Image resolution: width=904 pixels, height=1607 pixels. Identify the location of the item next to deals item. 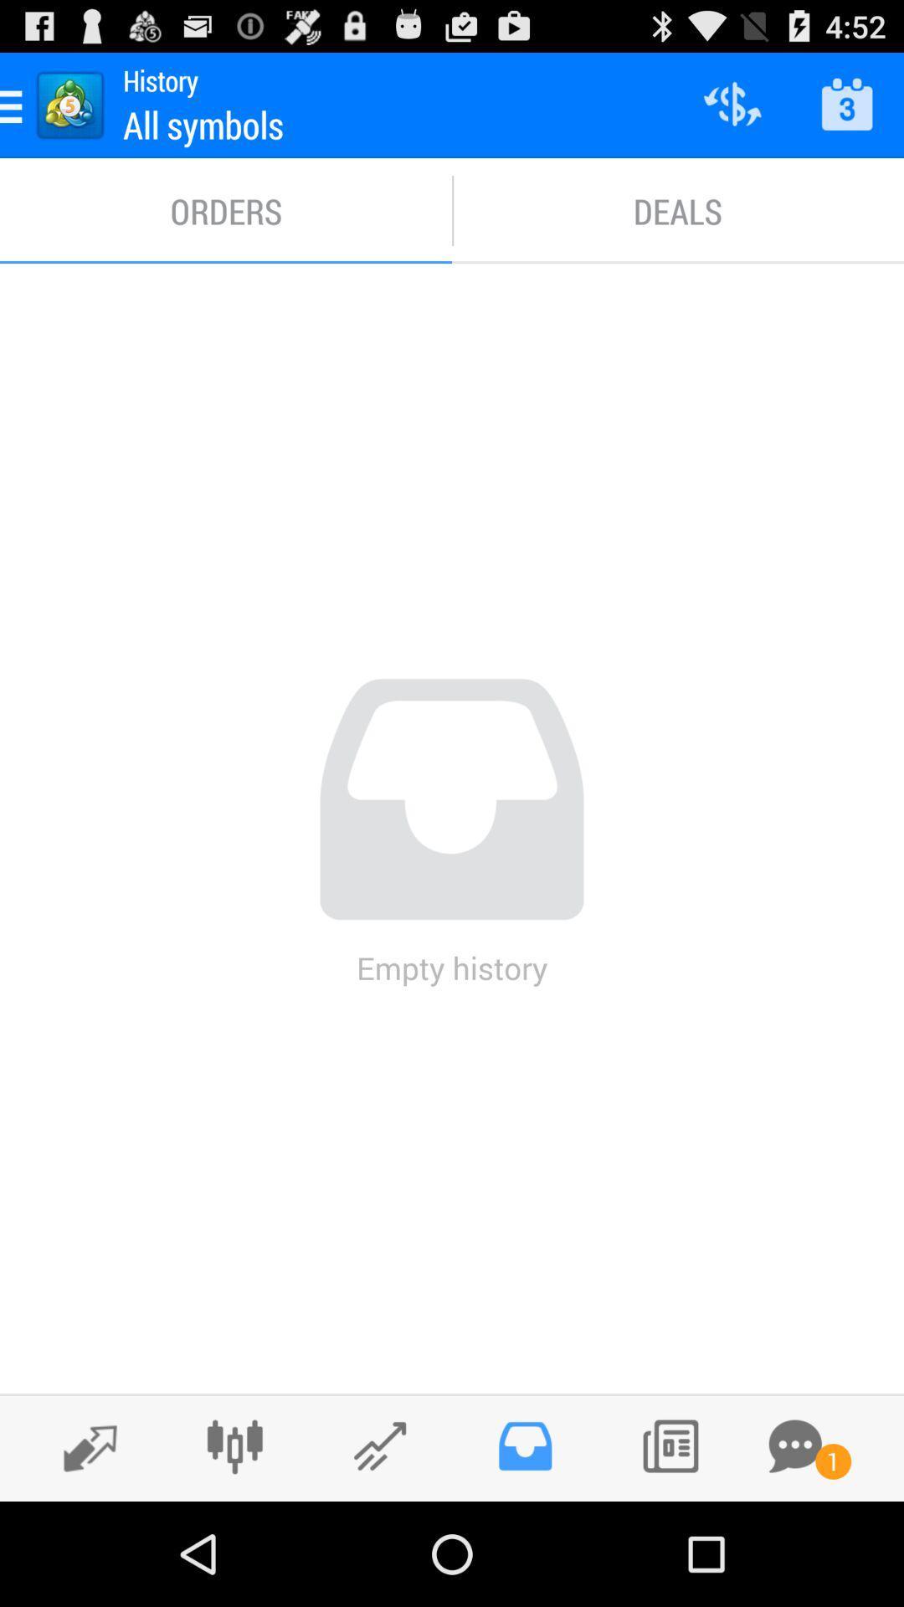
(226, 210).